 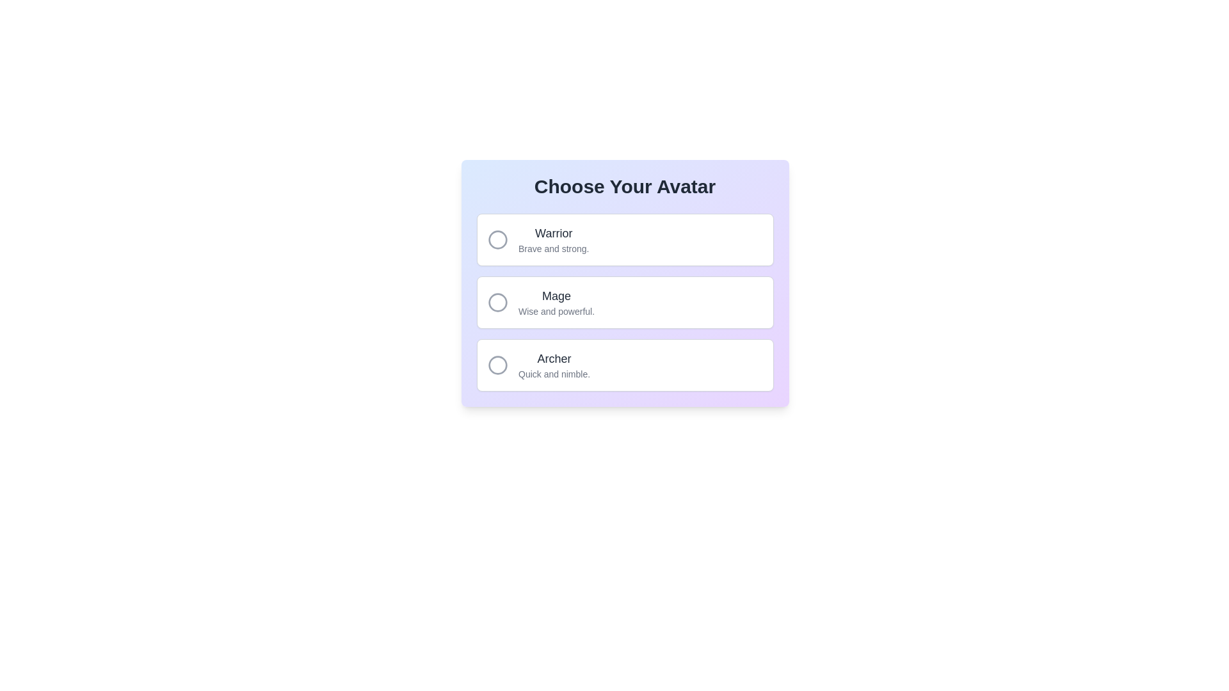 What do you see at coordinates (625, 283) in the screenshot?
I see `the 'Mage' selection card, which is the second option in the group of three selection cards under 'Choose Your Avatar'` at bounding box center [625, 283].